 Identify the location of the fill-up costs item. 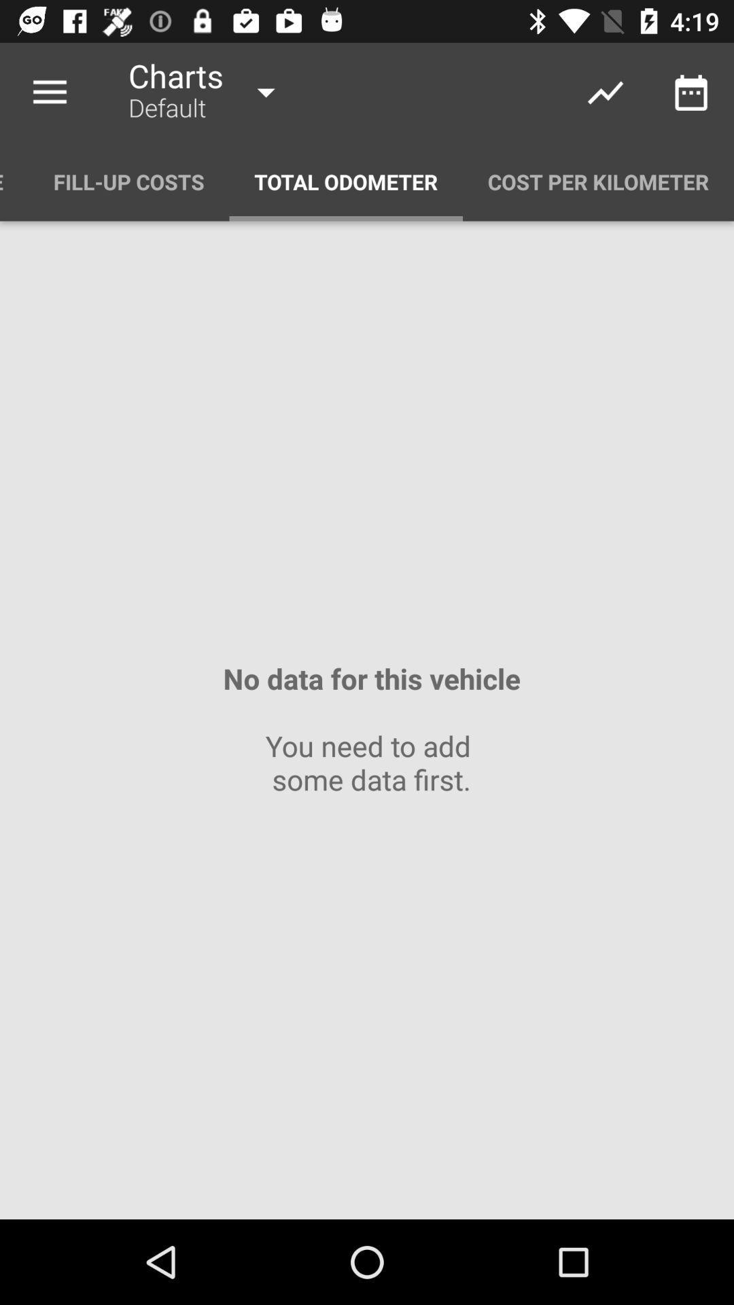
(128, 181).